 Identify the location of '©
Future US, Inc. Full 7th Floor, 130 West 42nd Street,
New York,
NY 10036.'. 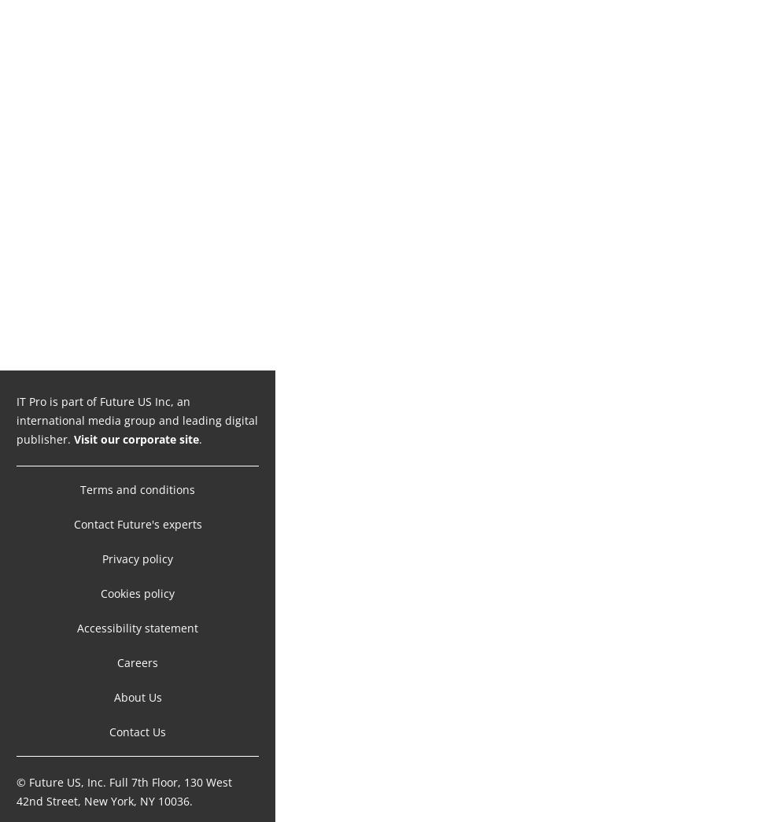
(16, 774).